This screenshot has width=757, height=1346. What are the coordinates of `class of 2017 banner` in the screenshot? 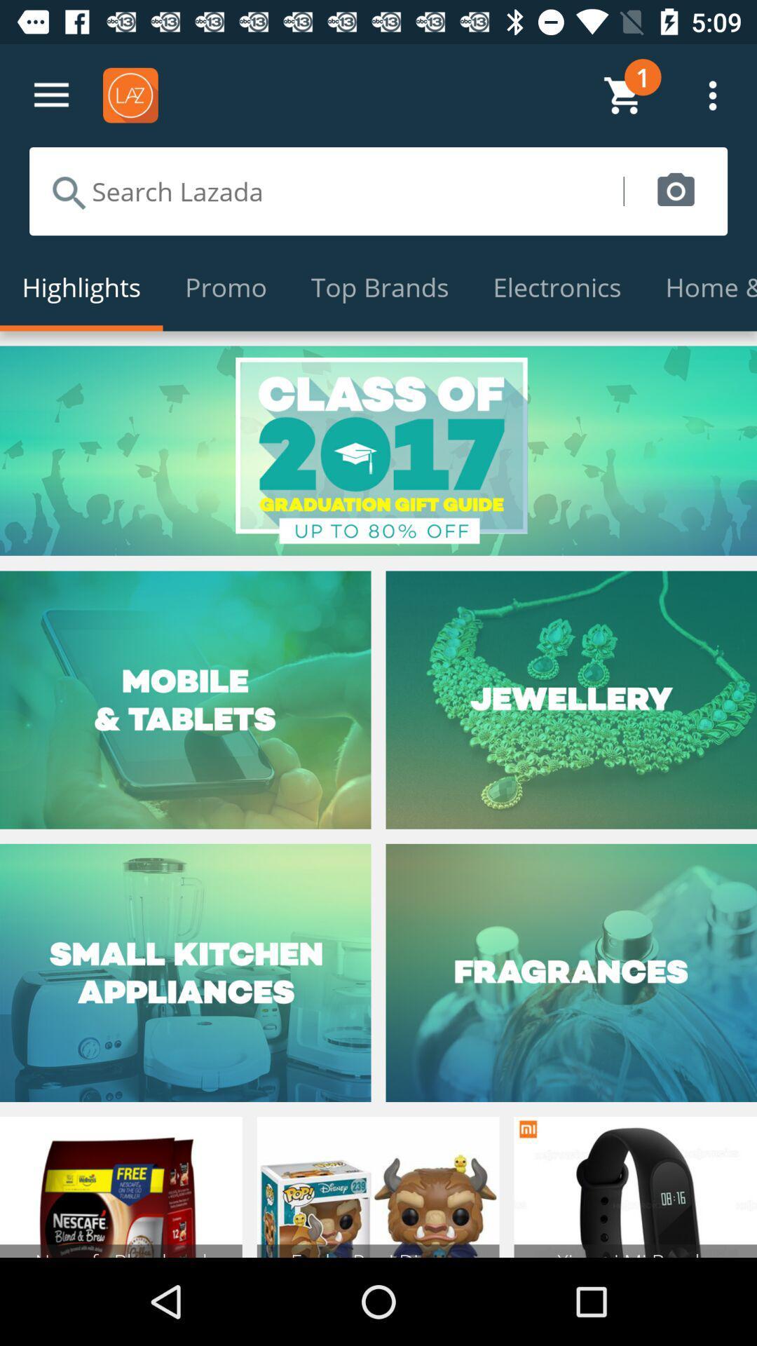 It's located at (378, 451).